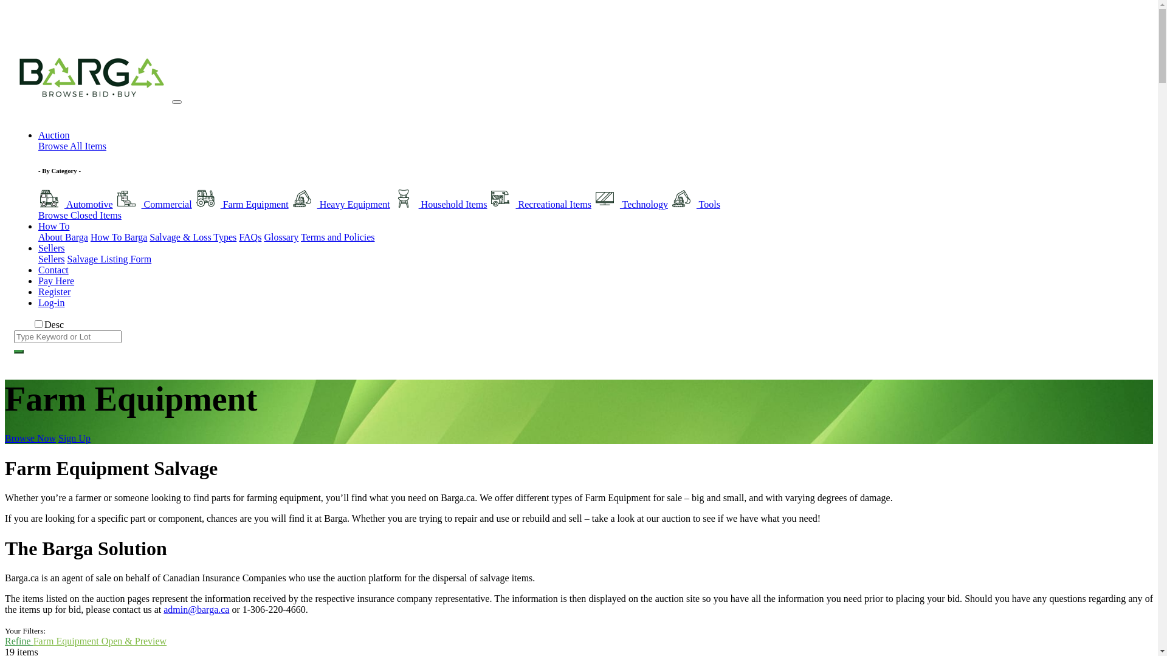  Describe the element at coordinates (539, 203) in the screenshot. I see `'Recreational Items'` at that location.